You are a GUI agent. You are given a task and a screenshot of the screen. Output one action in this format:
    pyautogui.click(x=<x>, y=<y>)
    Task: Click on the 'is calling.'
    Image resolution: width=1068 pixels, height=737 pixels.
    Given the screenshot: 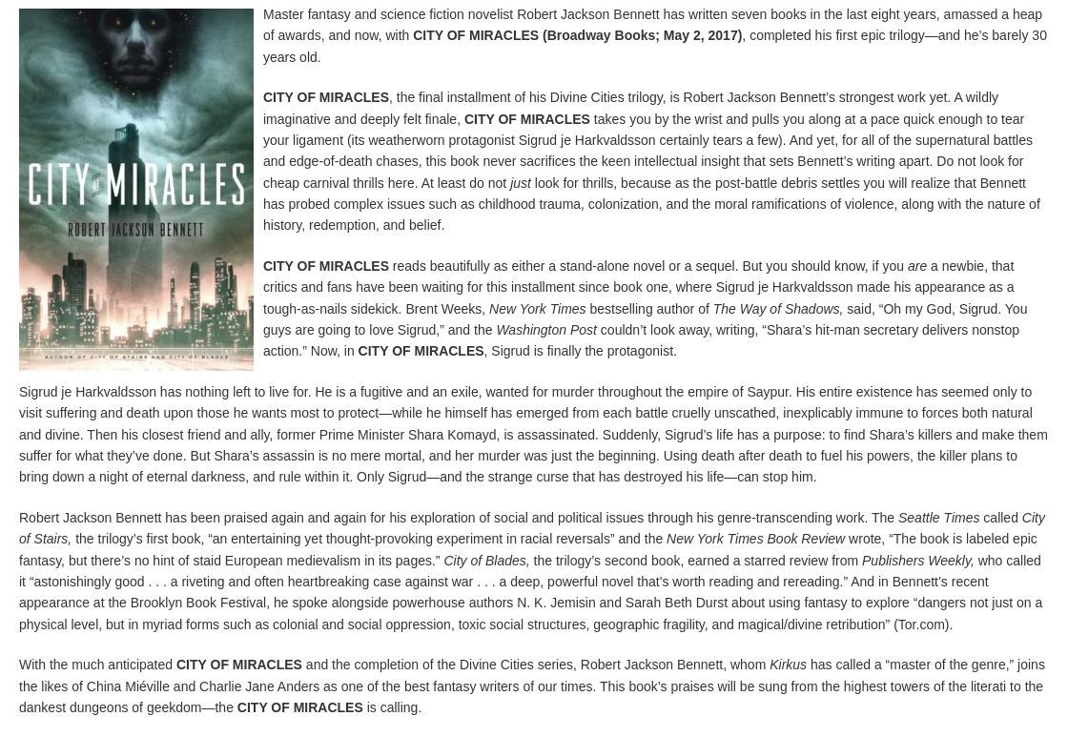 What is the action you would take?
    pyautogui.click(x=391, y=705)
    